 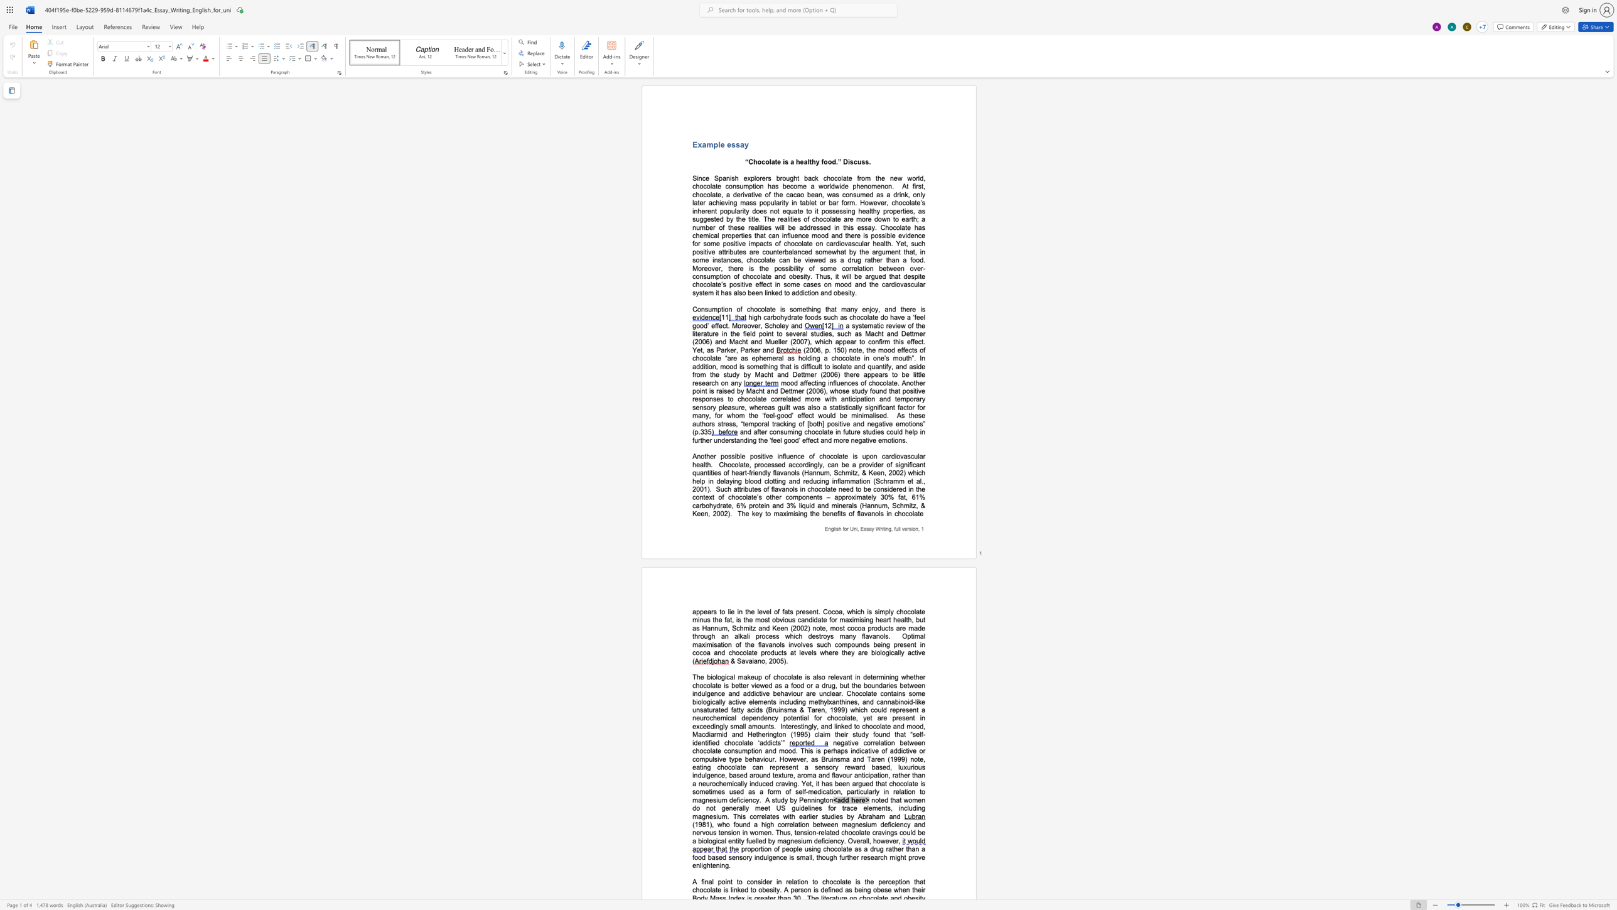 I want to click on the space between the continuous character "u" and "n" in the text, so click(x=857, y=644).